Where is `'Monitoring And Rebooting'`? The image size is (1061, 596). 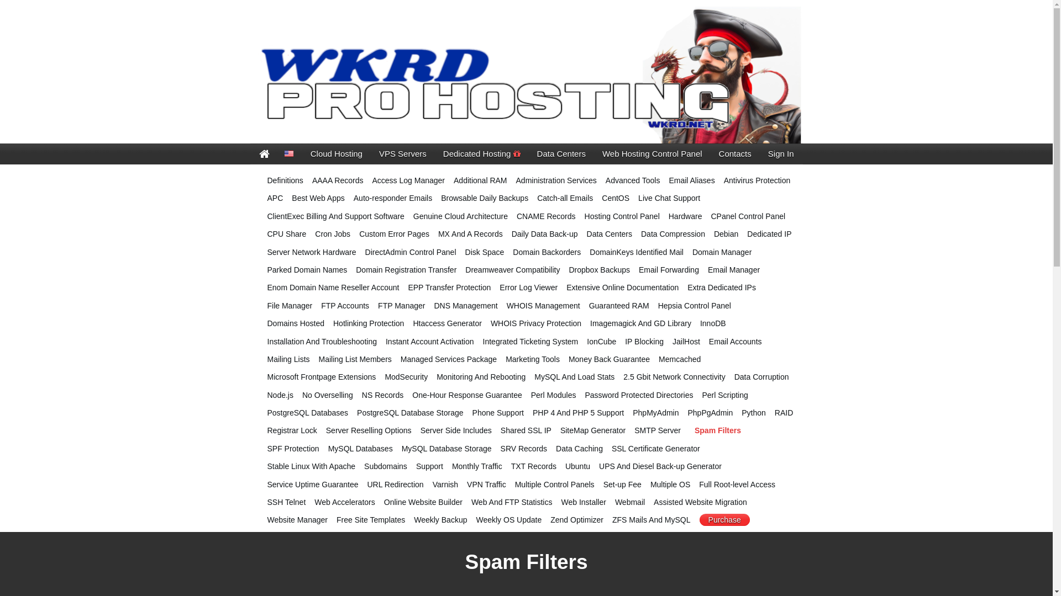
'Monitoring And Rebooting' is located at coordinates (481, 376).